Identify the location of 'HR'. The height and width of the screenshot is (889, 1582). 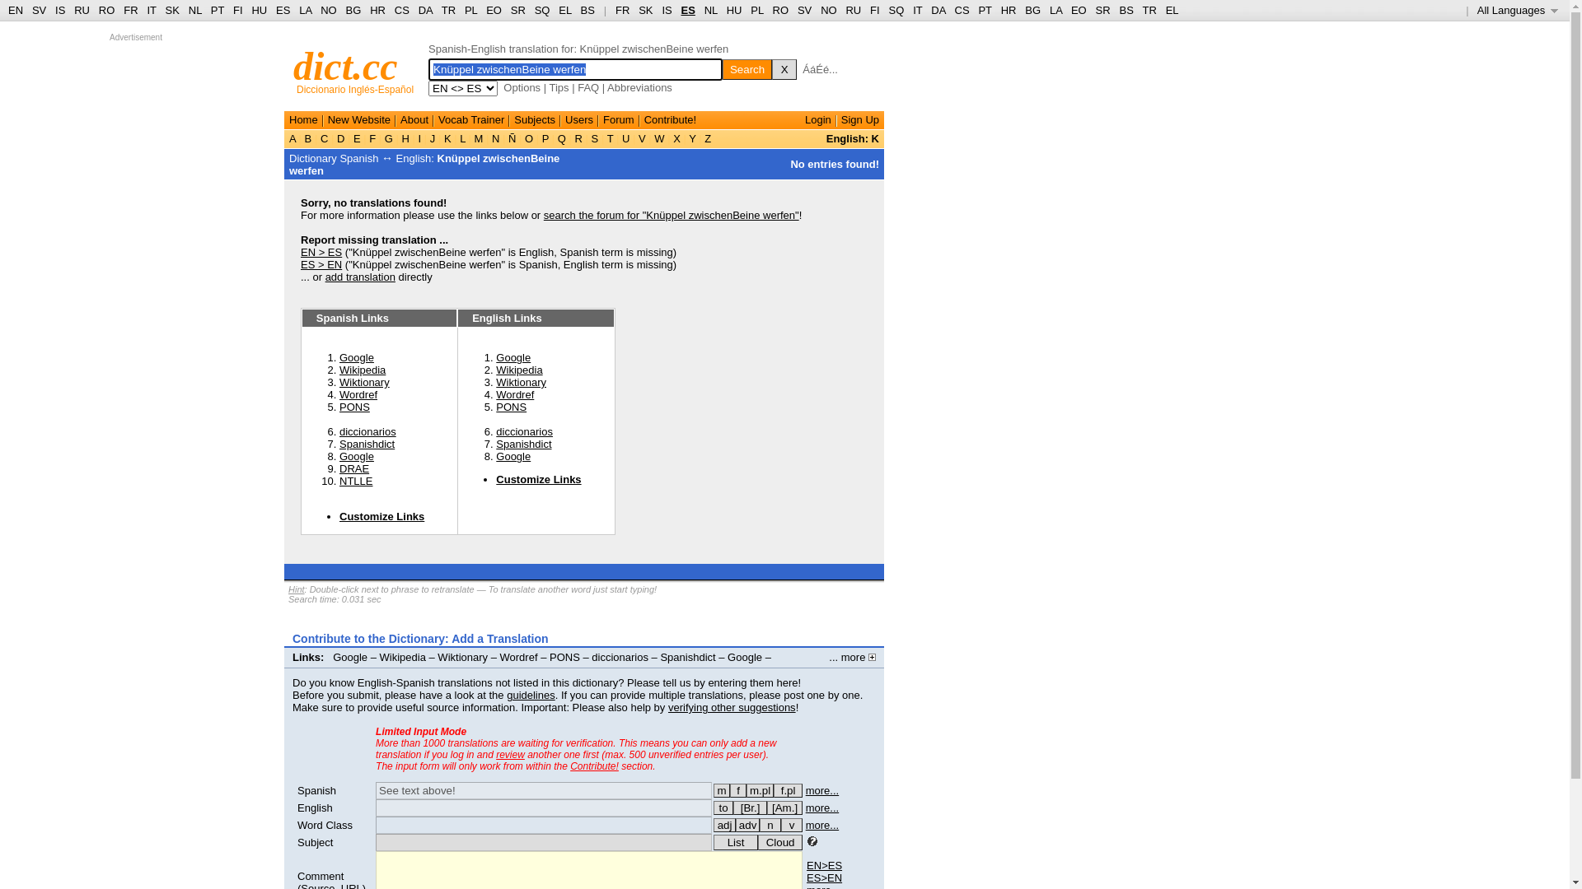
(369, 10).